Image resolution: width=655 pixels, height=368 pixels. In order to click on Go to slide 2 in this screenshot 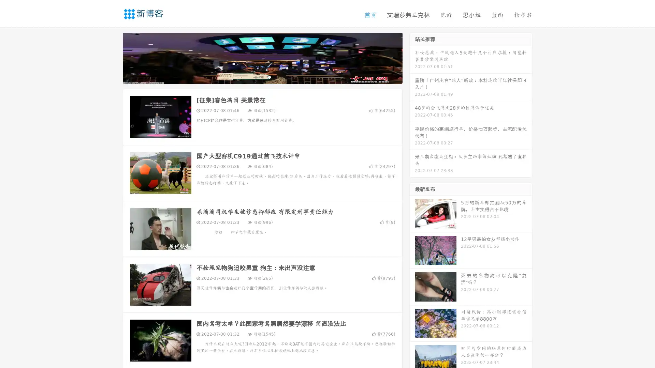, I will do `click(262, 77)`.